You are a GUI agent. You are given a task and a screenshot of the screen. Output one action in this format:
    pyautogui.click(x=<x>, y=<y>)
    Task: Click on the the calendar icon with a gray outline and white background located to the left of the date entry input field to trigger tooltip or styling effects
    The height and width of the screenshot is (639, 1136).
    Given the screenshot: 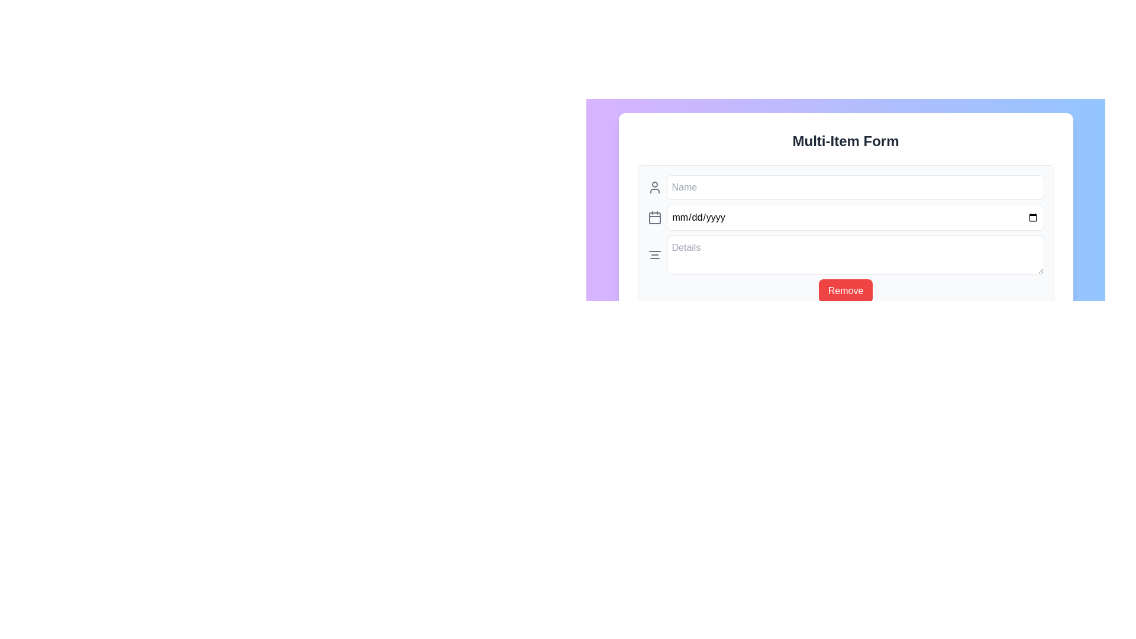 What is the action you would take?
    pyautogui.click(x=654, y=217)
    